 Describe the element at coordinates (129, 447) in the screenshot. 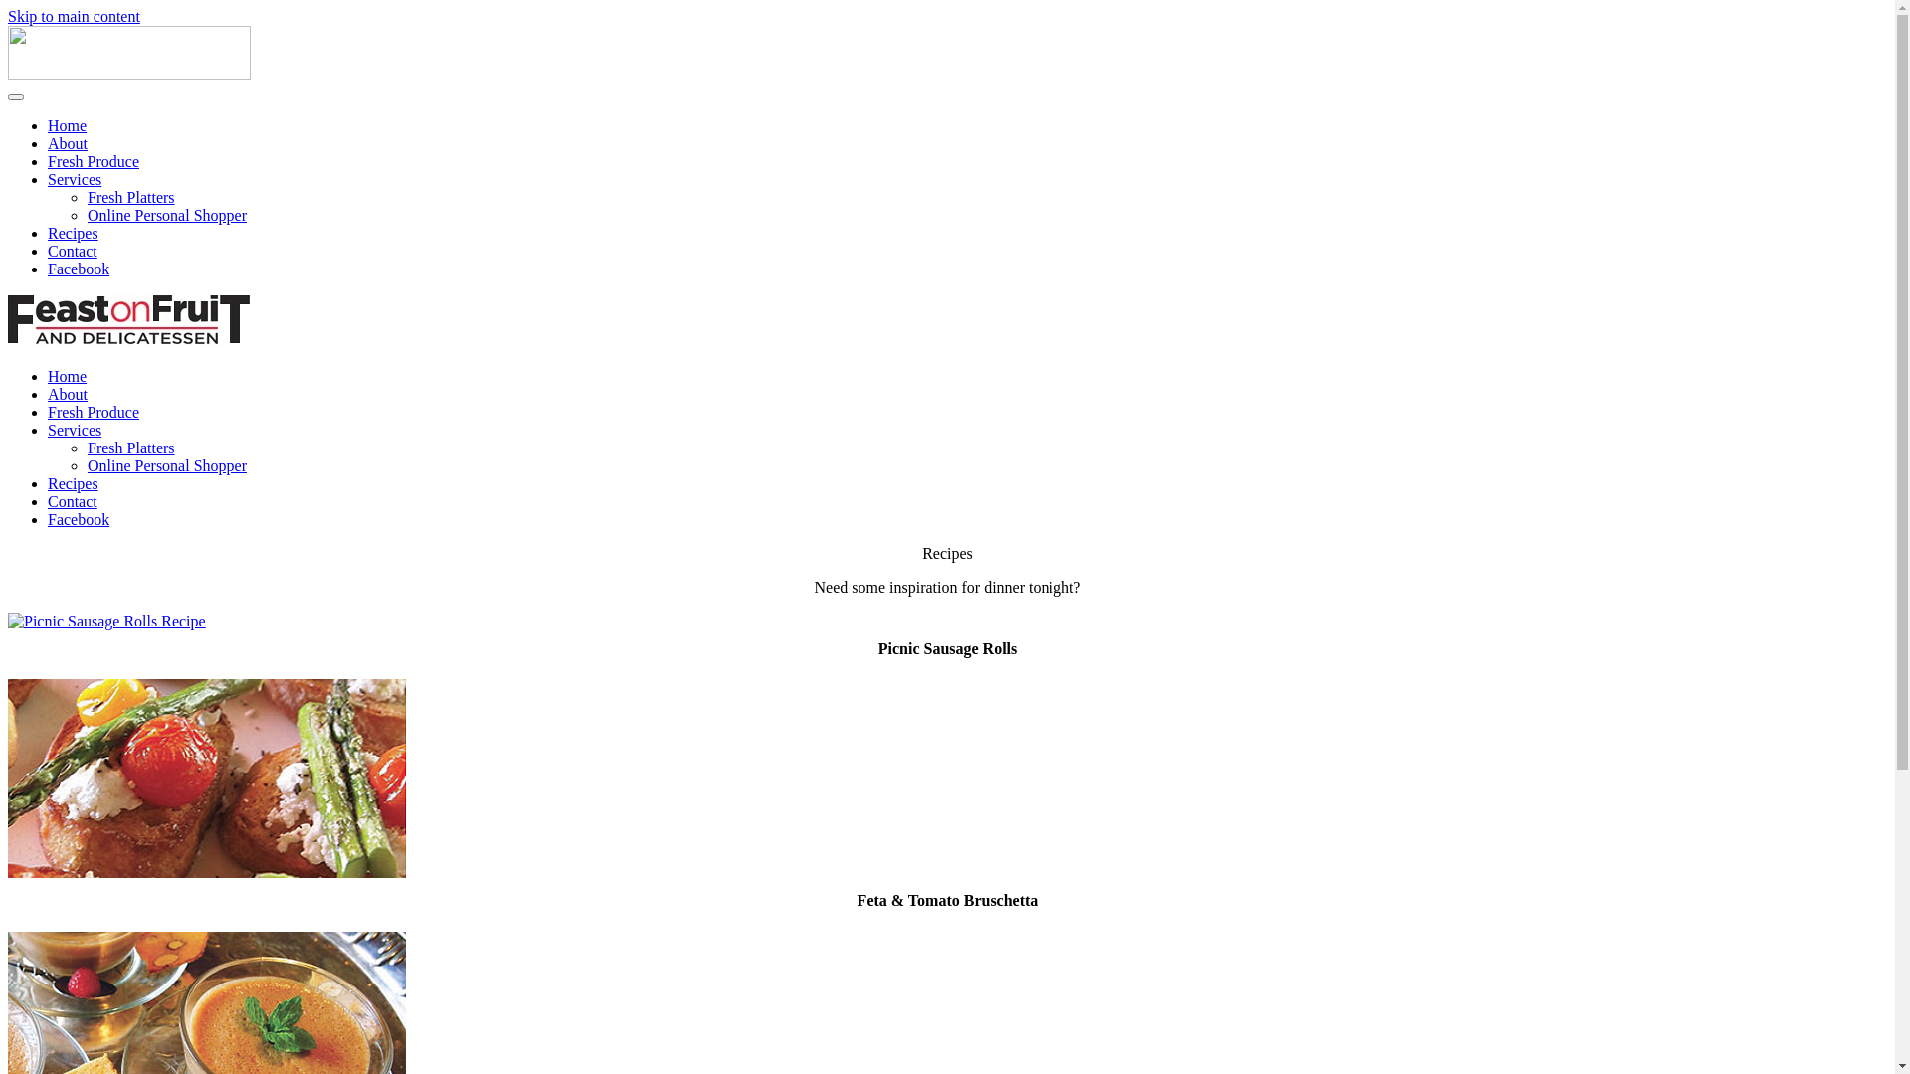

I see `'Fresh Platters'` at that location.